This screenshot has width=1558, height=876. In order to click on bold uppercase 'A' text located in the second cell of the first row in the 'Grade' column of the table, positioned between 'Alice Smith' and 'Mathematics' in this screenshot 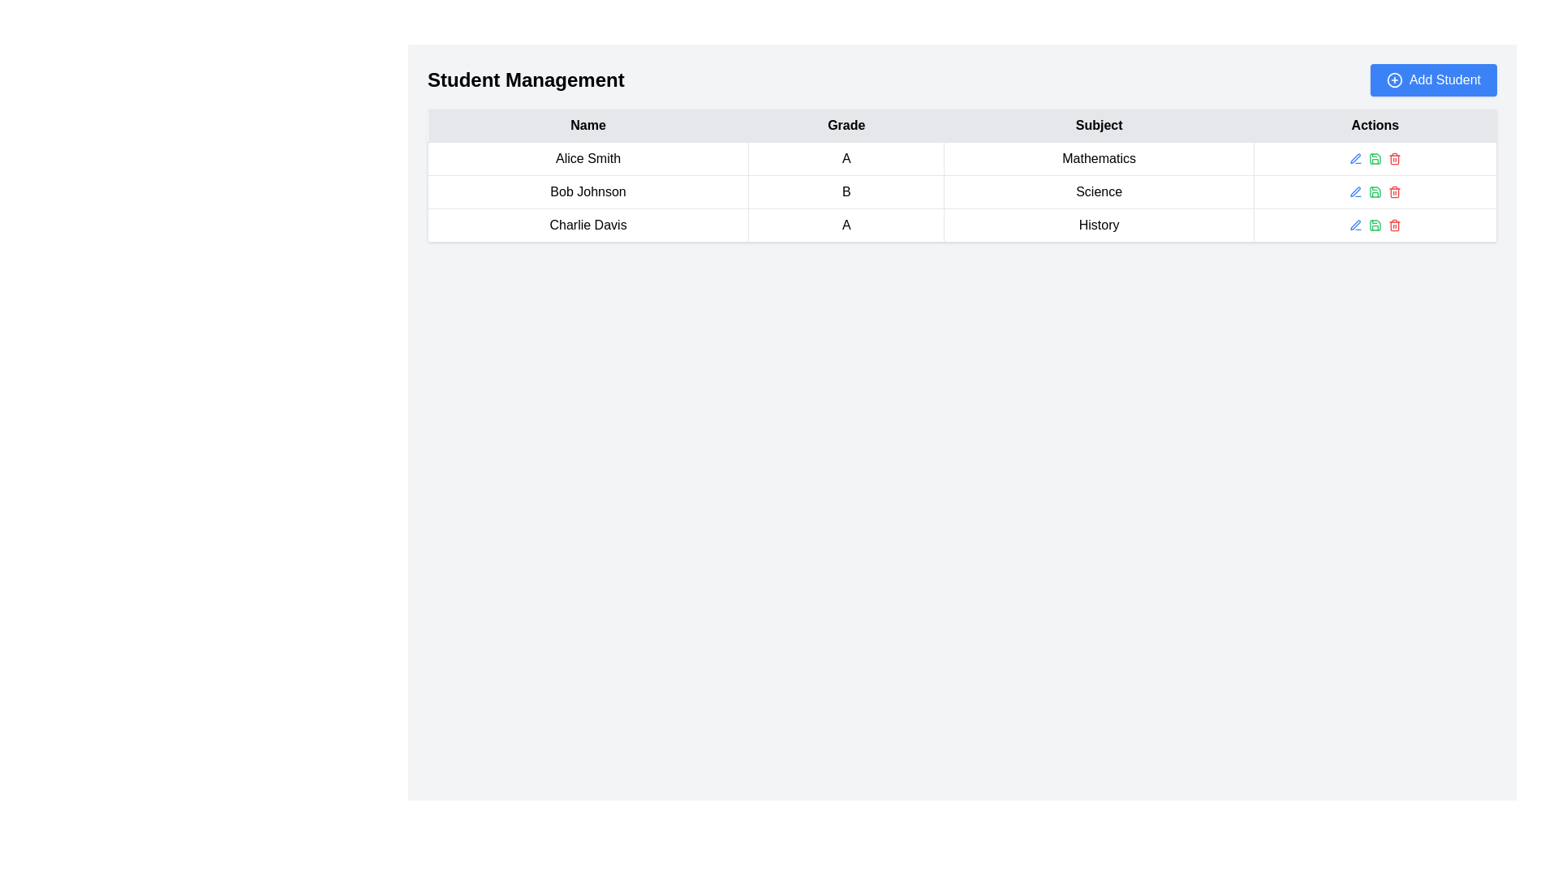, I will do `click(846, 159)`.